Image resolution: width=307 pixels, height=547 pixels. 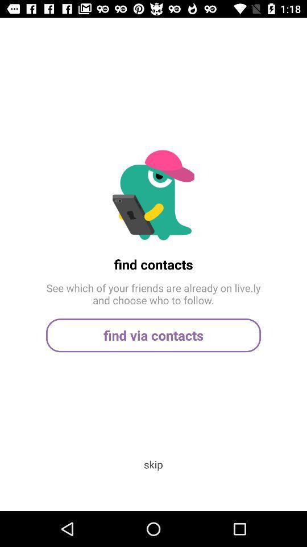 I want to click on the skip app, so click(x=153, y=464).